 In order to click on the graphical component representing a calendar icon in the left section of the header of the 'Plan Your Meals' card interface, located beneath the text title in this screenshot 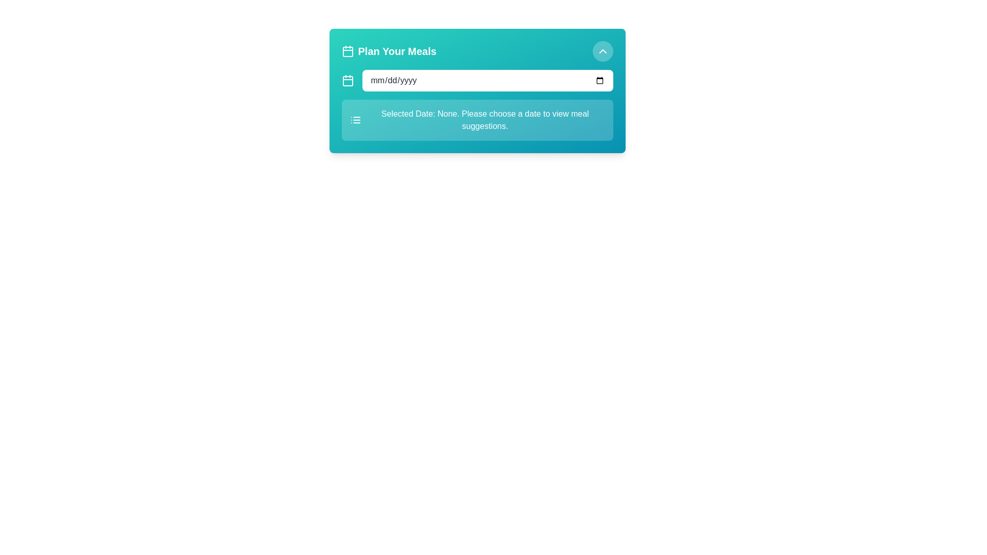, I will do `click(348, 51)`.